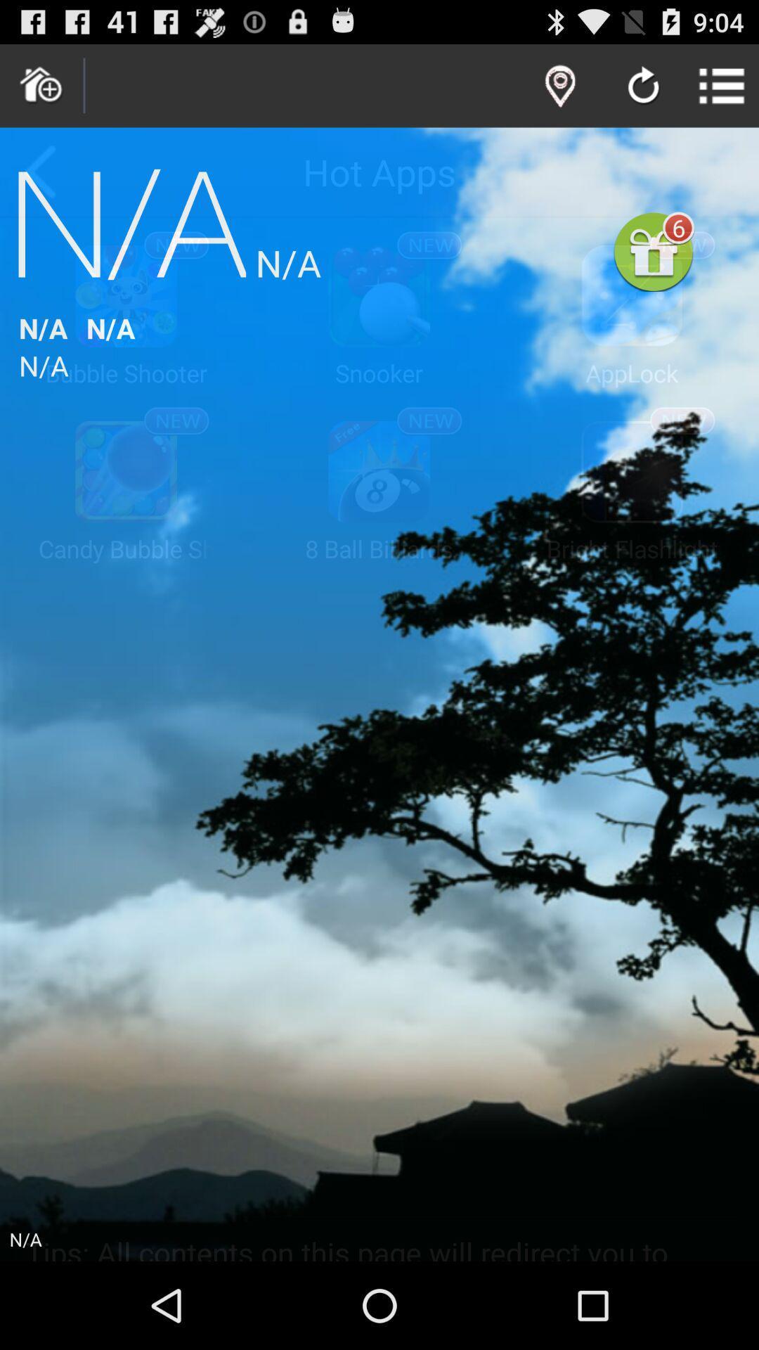 The image size is (759, 1350). I want to click on menu, so click(722, 85).